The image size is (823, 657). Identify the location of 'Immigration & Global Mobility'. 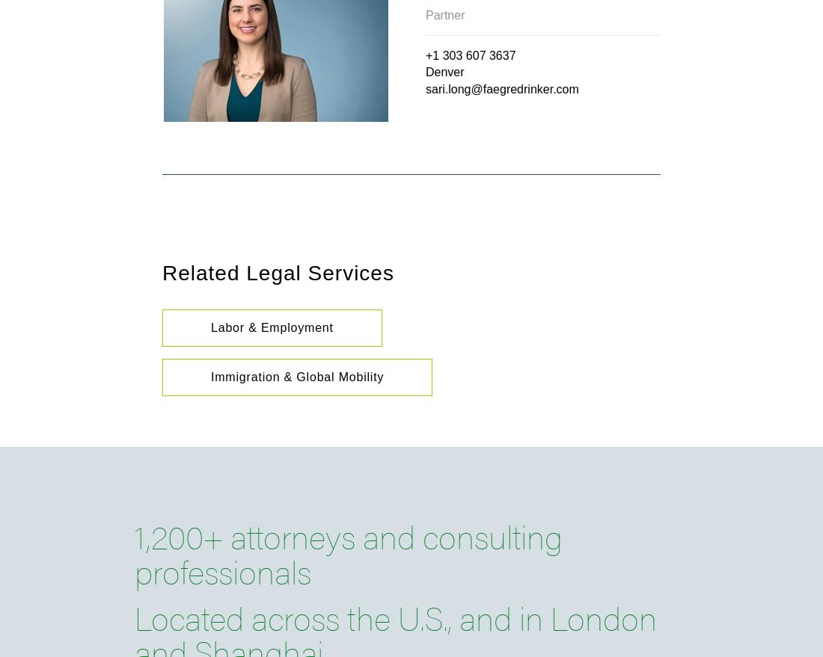
(297, 376).